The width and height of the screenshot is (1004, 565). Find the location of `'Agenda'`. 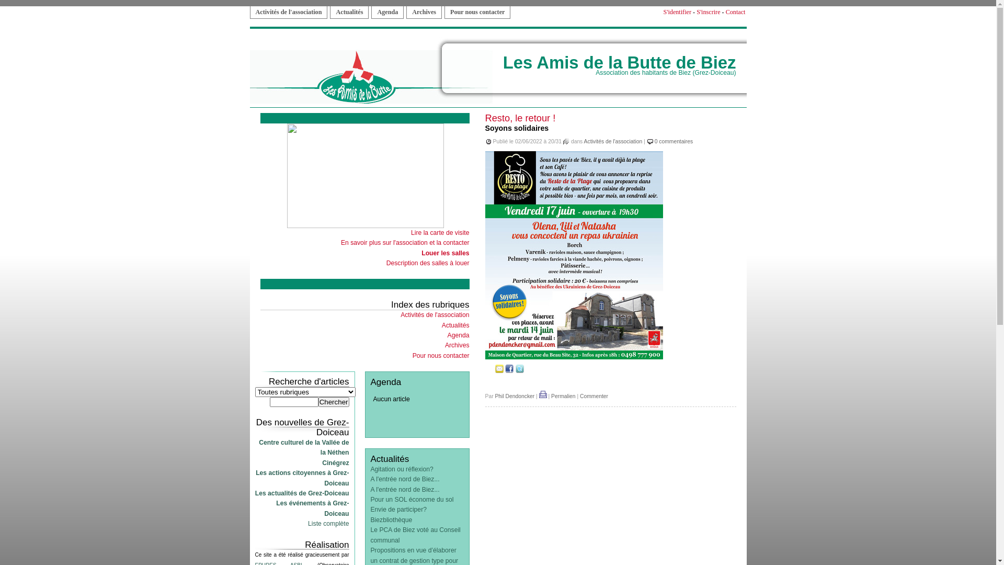

'Agenda' is located at coordinates (447, 335).